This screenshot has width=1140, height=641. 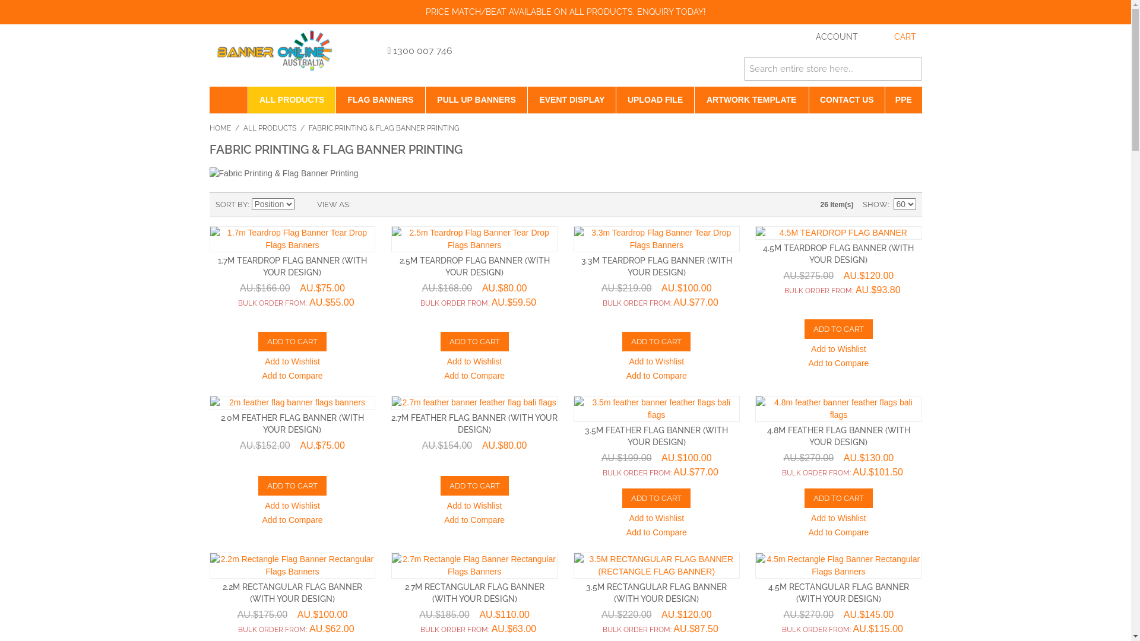 I want to click on '2.5m Teardrop Flag Banner Tear Drop Flags Banners', so click(x=473, y=239).